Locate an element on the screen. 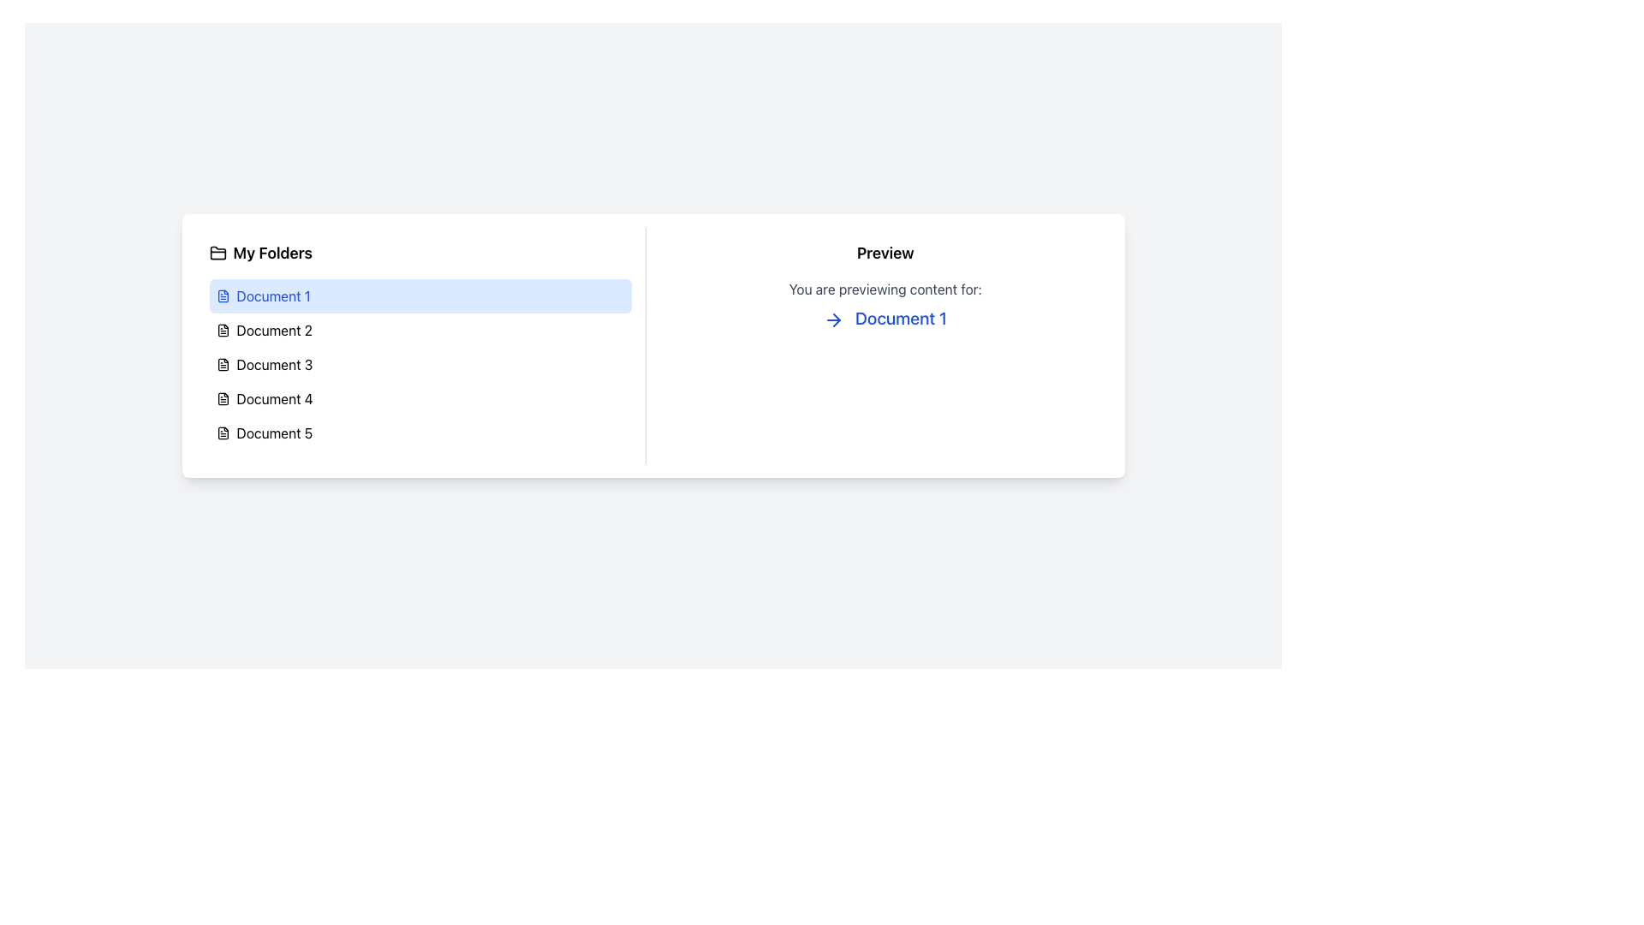 The height and width of the screenshot is (925, 1644). the icon representing 'Document 5' in the folder list, which is located at the beginning of the line for this document is located at coordinates (222, 432).